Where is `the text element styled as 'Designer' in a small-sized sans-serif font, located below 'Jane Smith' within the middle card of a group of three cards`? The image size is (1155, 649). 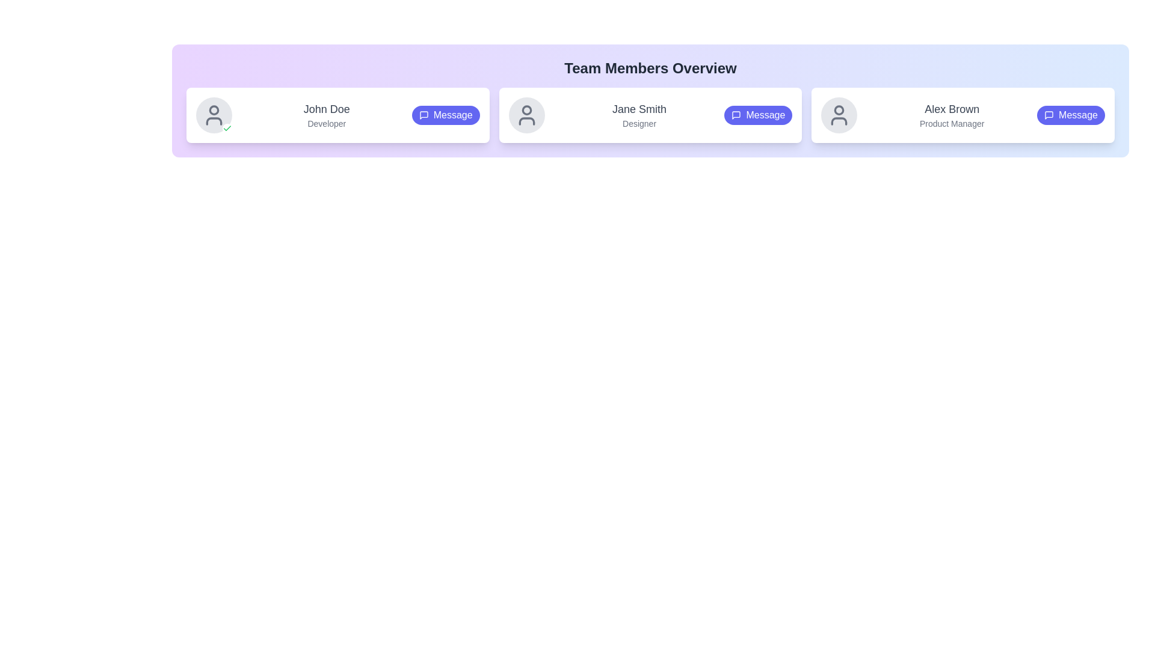
the text element styled as 'Designer' in a small-sized sans-serif font, located below 'Jane Smith' within the middle card of a group of three cards is located at coordinates (639, 123).